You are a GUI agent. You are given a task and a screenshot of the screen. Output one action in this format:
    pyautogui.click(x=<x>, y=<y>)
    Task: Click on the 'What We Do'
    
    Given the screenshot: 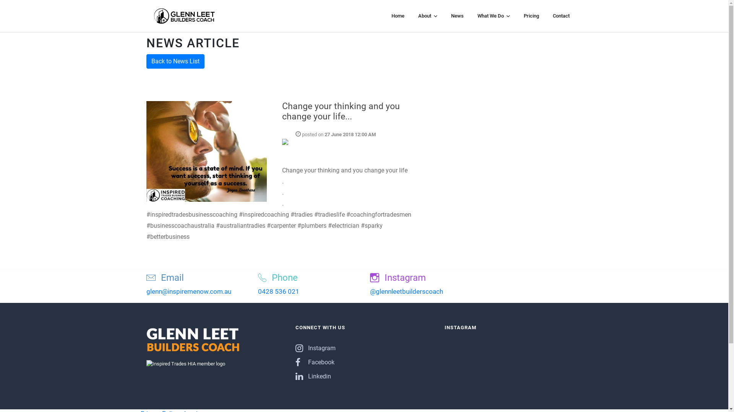 What is the action you would take?
    pyautogui.click(x=493, y=16)
    